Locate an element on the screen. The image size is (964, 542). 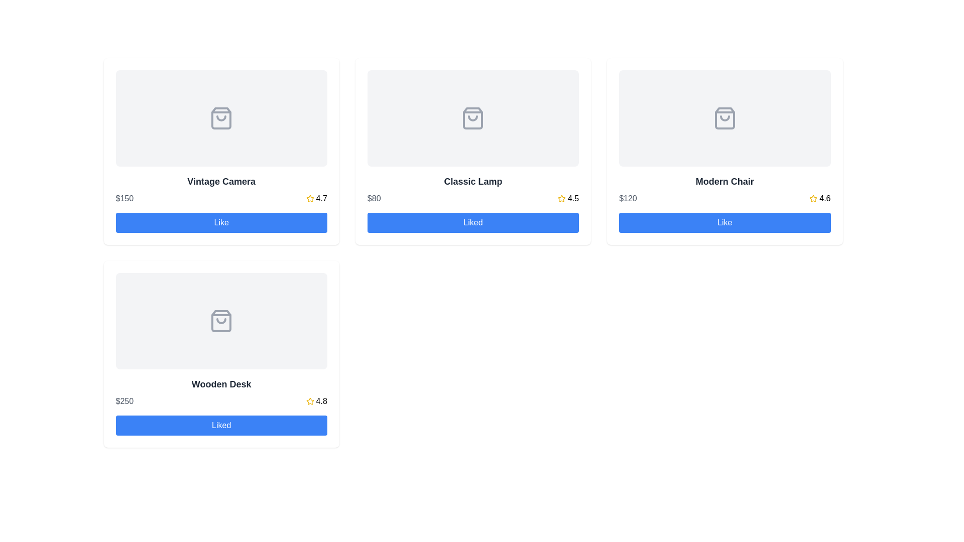
text label displaying the price '$80' located at the top-left corner of the pricing and rating row for the 'Classic Lamp' is located at coordinates (374, 199).